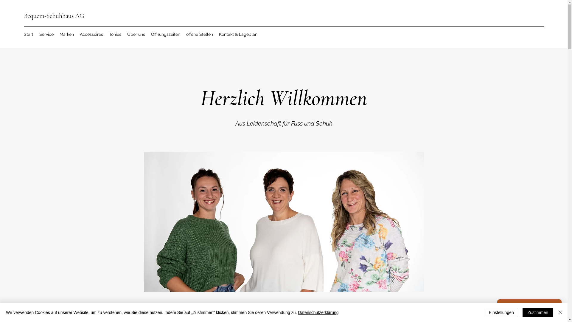 This screenshot has height=322, width=572. What do you see at coordinates (238, 34) in the screenshot?
I see `'Kontakt & Lageplan'` at bounding box center [238, 34].